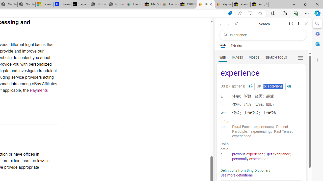 This screenshot has width=323, height=181. Describe the element at coordinates (236, 175) in the screenshot. I see `'See more definitions'` at that location.